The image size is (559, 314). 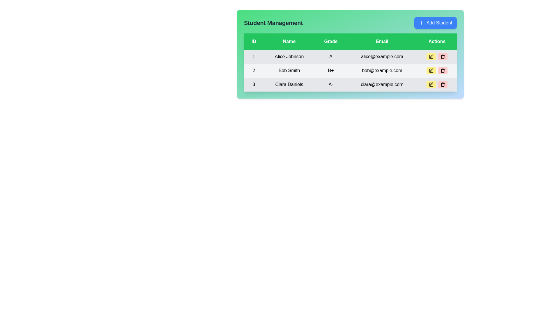 What do you see at coordinates (431, 70) in the screenshot?
I see `the edit icon button located in the yellow background area on the right side of the second row under the 'Actions' column, associated with Bob Smith` at bounding box center [431, 70].